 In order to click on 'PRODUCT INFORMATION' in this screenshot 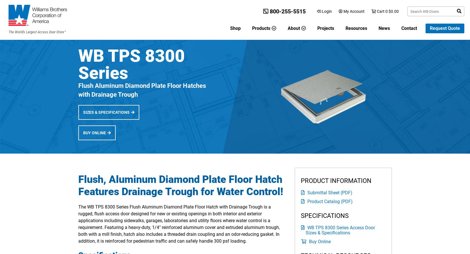, I will do `click(301, 181)`.